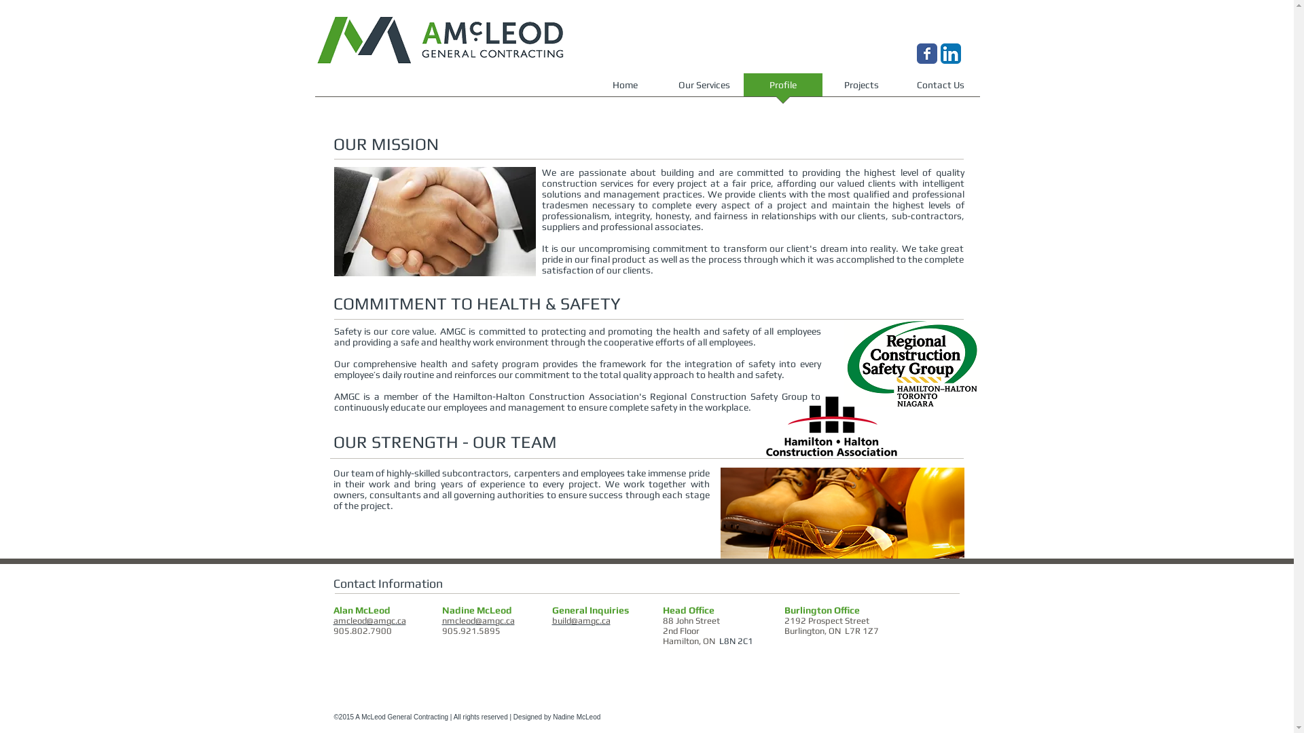  What do you see at coordinates (860, 89) in the screenshot?
I see `'Projects'` at bounding box center [860, 89].